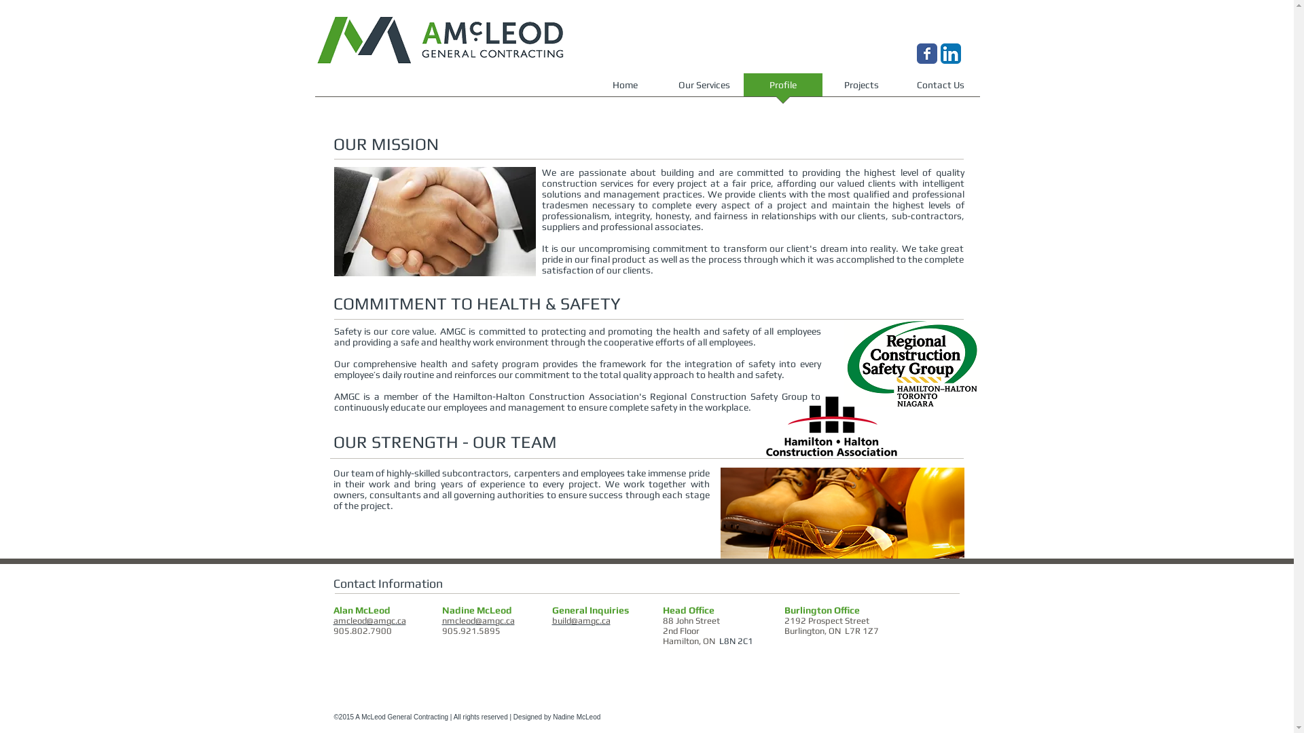  What do you see at coordinates (860, 89) in the screenshot?
I see `'Projects'` at bounding box center [860, 89].